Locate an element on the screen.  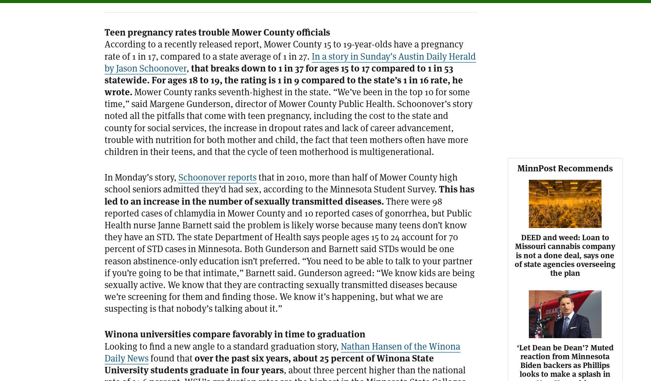
',' is located at coordinates (188, 68).